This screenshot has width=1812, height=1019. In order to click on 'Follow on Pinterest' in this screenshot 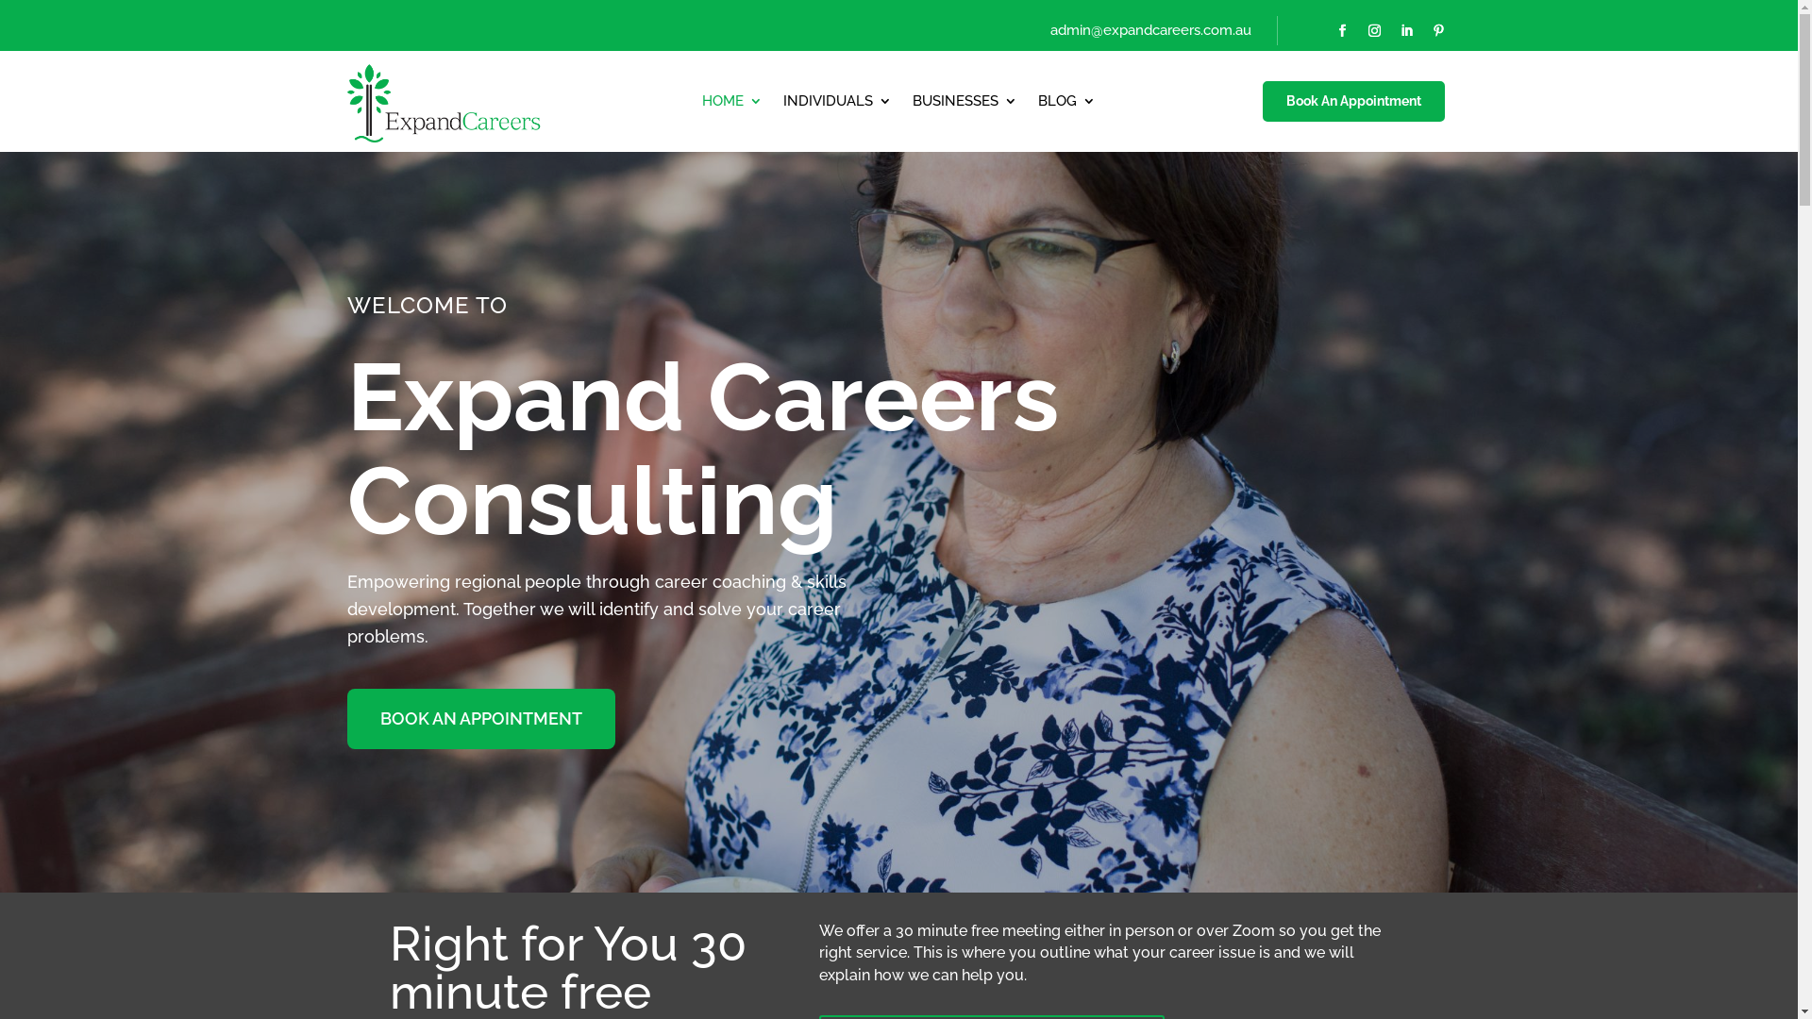, I will do `click(1436, 31)`.